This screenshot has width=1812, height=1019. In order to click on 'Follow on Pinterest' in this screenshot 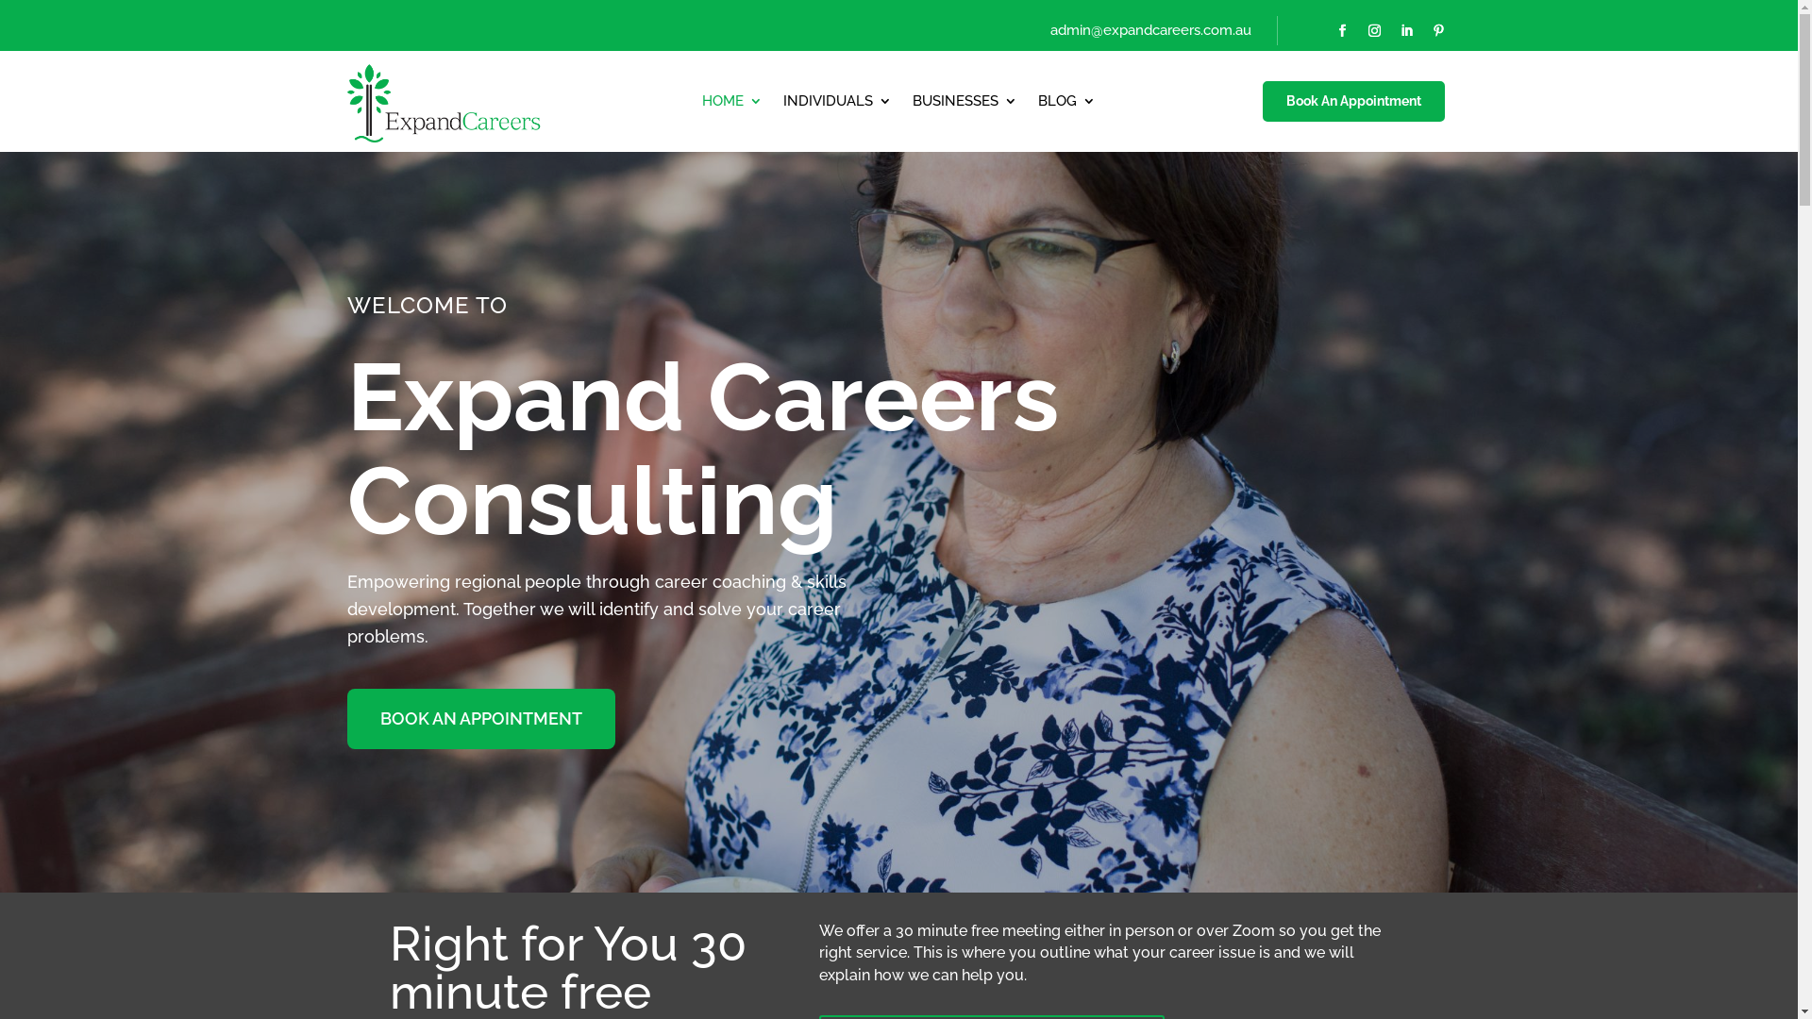, I will do `click(1436, 31)`.